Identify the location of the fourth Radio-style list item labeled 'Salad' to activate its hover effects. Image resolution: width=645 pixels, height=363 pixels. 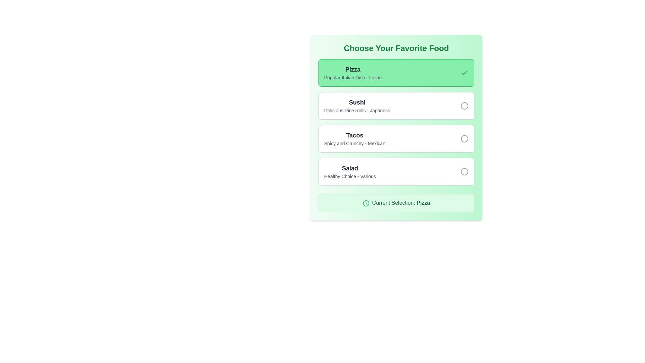
(396, 171).